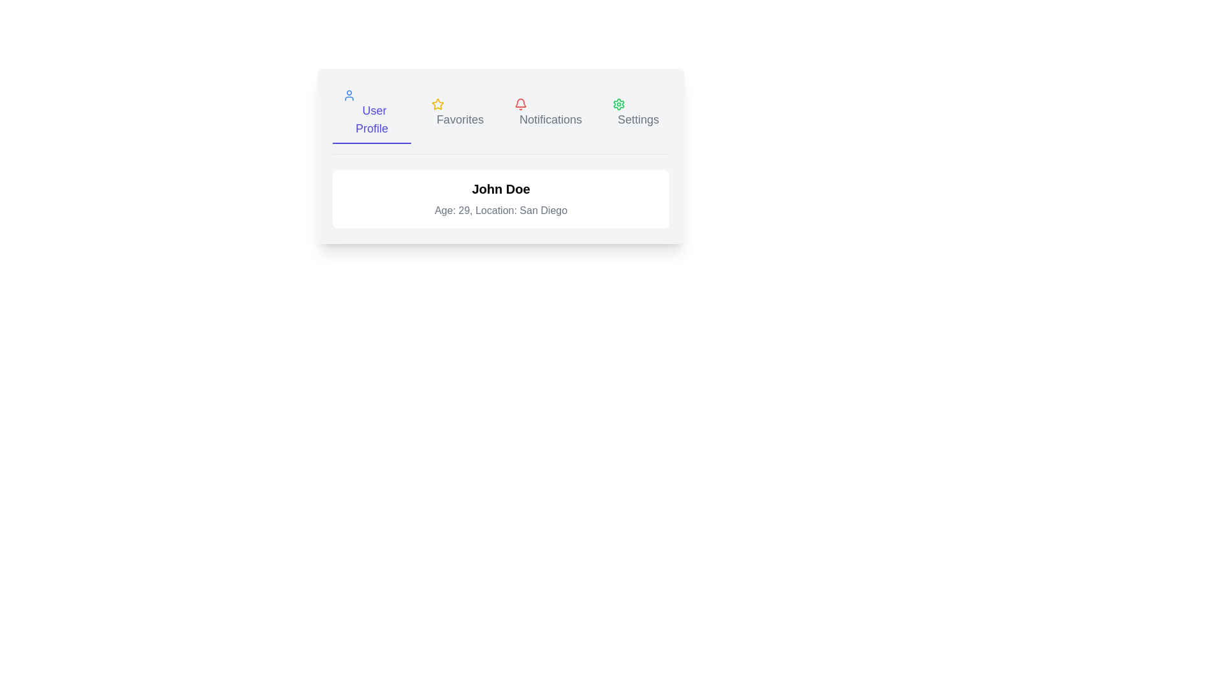  I want to click on the decorative 'User Profile' icon located in the navigation header, which is the first visual element in the 'User Profile' tab, so click(349, 95).